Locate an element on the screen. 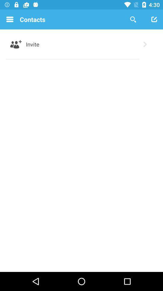  the item next to invite is located at coordinates (145, 44).